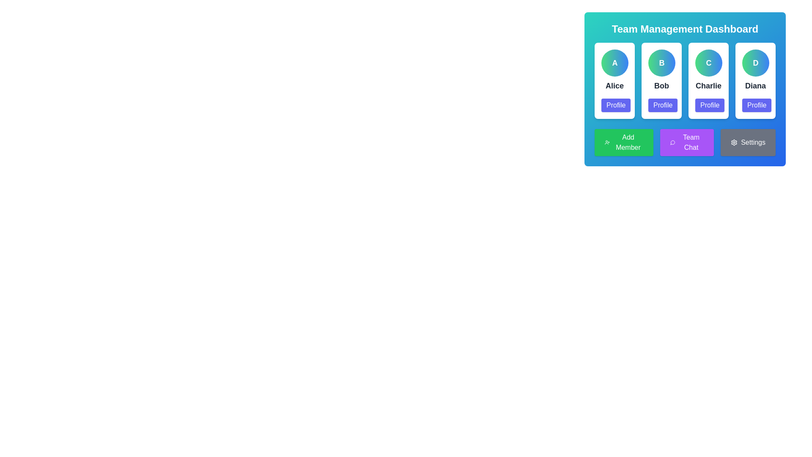  I want to click on the 'Profile' button with white text and a purple background, so click(662, 105).